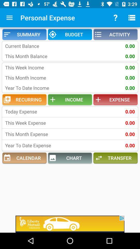 The width and height of the screenshot is (140, 249). What do you see at coordinates (115, 34) in the screenshot?
I see `the activity item` at bounding box center [115, 34].